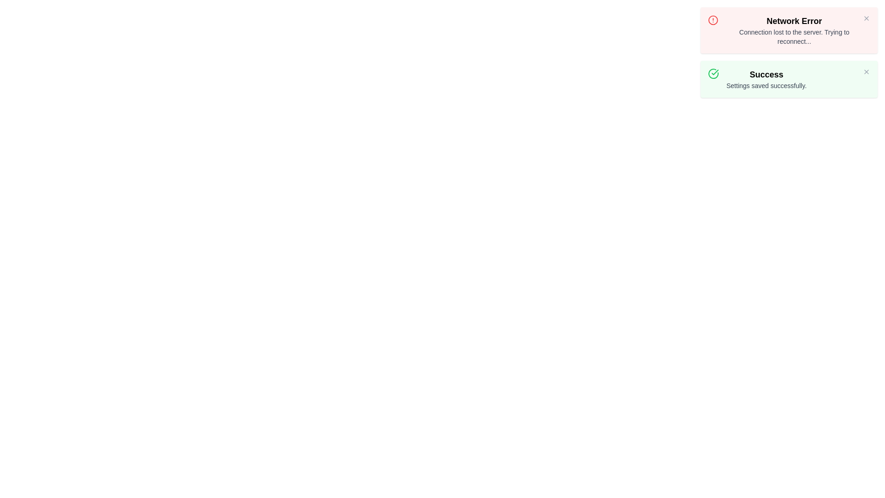 The image size is (885, 498). What do you see at coordinates (767, 85) in the screenshot?
I see `the feedback text label indicating successful settings save, located directly below the 'Success' text in the top-right corner notification box` at bounding box center [767, 85].